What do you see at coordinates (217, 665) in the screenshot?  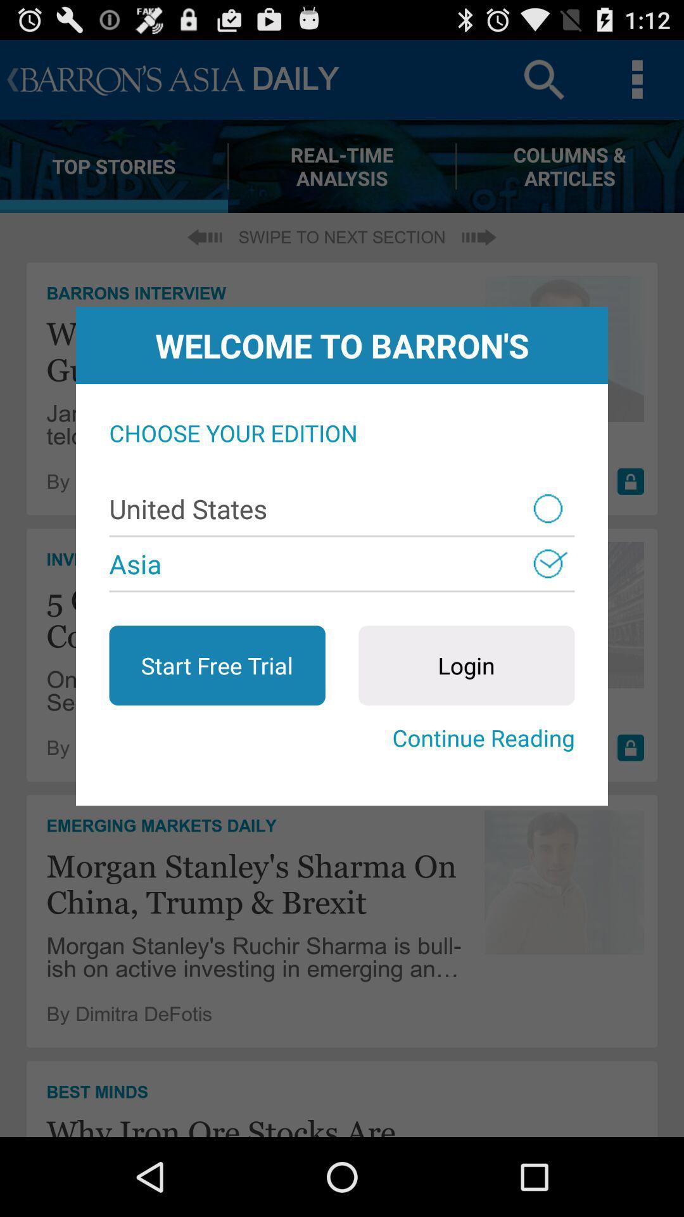 I see `the item to the left of the login button` at bounding box center [217, 665].